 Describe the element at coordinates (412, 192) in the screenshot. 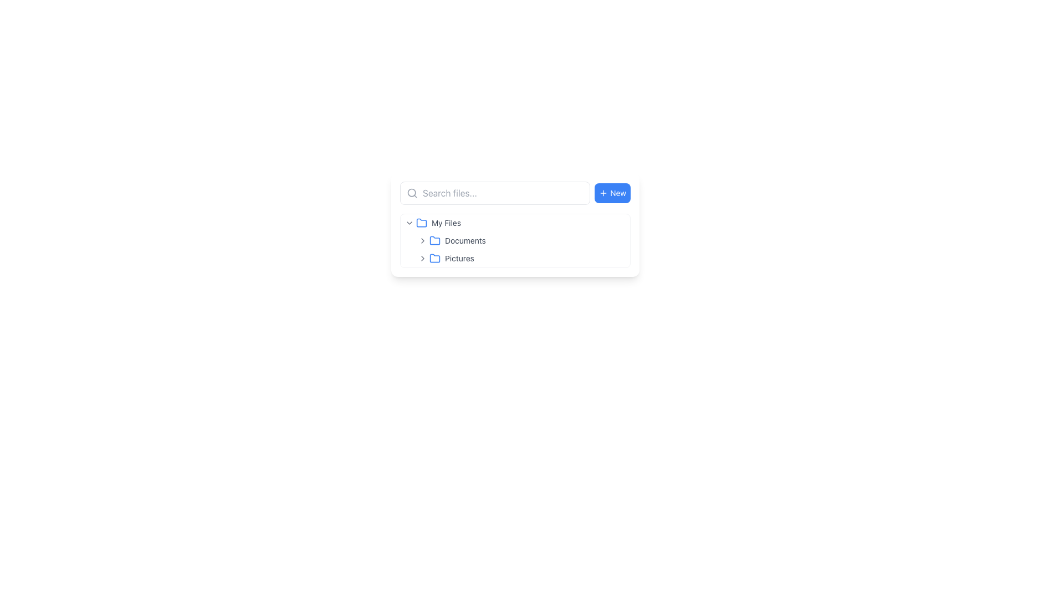

I see `the search icon located on the left-hand side of the input field, which visually indicates the search functionality` at that location.